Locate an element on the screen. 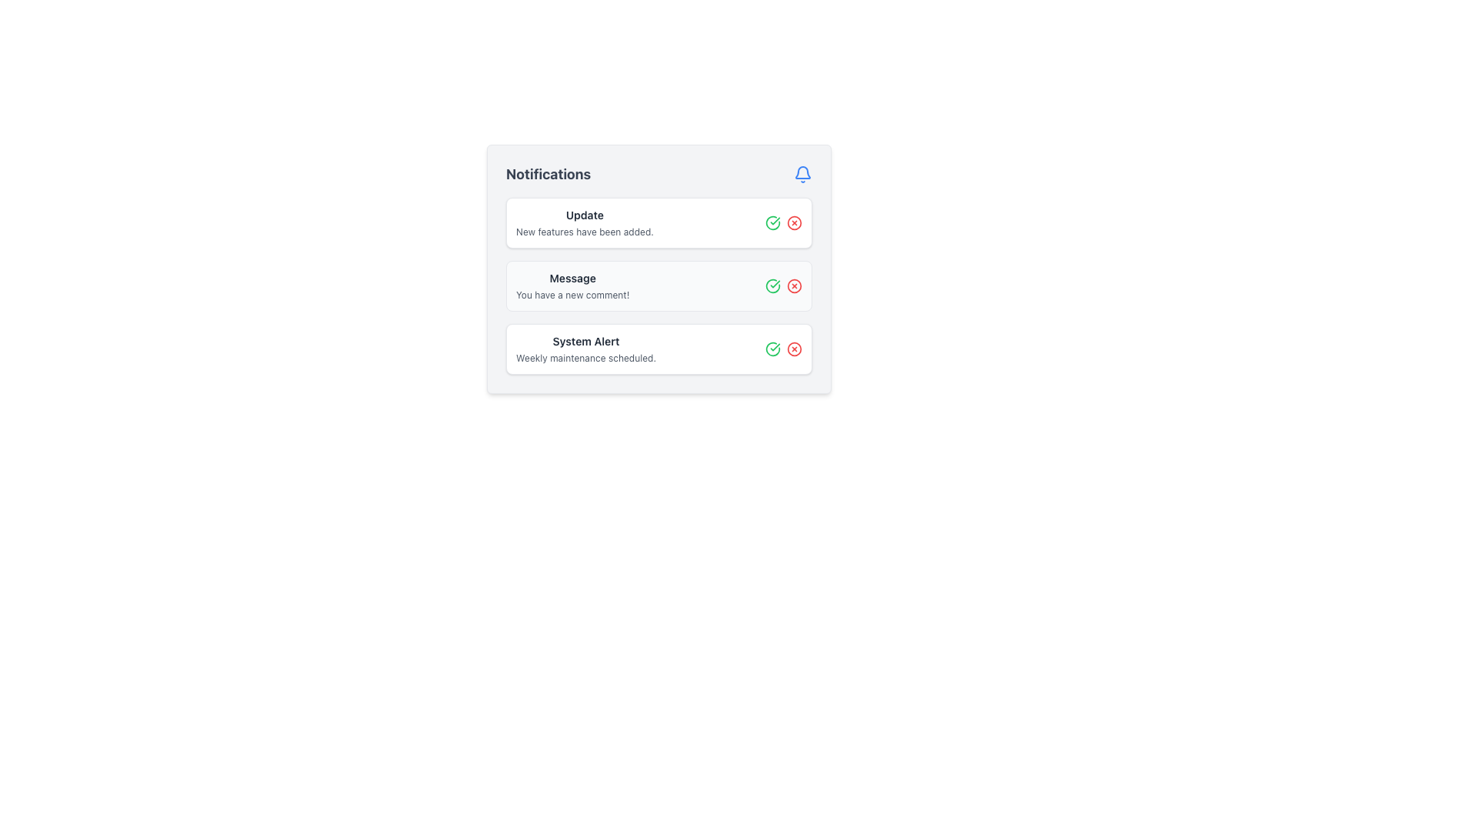 This screenshot has height=831, width=1477. text label that serves as the header for the notifications section, positioned to the left and above other notification content is located at coordinates (548, 174).